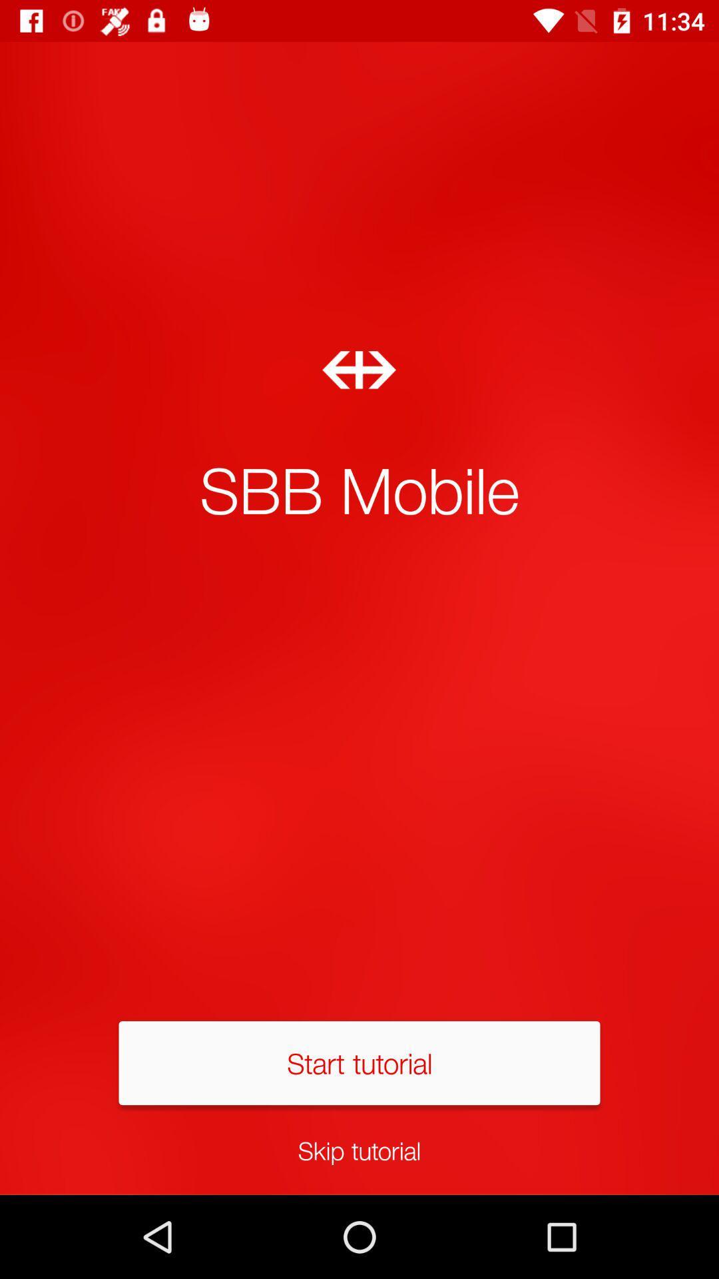 This screenshot has width=719, height=1279. Describe the element at coordinates (359, 1149) in the screenshot. I see `skip tutorial item` at that location.